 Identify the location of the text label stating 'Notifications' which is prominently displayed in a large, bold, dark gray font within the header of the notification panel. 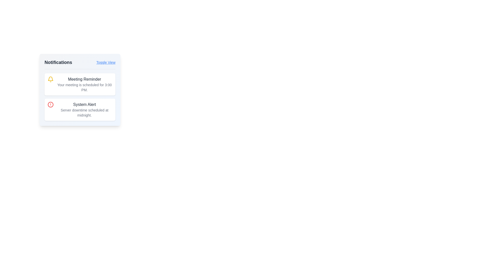
(58, 62).